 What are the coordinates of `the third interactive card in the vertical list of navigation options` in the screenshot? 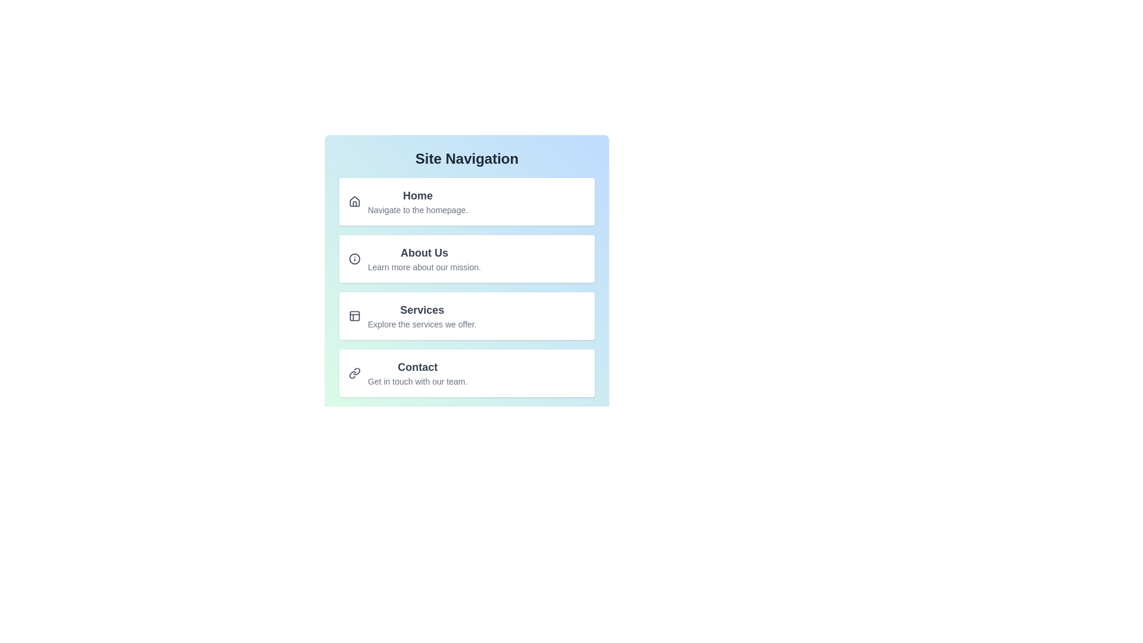 It's located at (466, 316).